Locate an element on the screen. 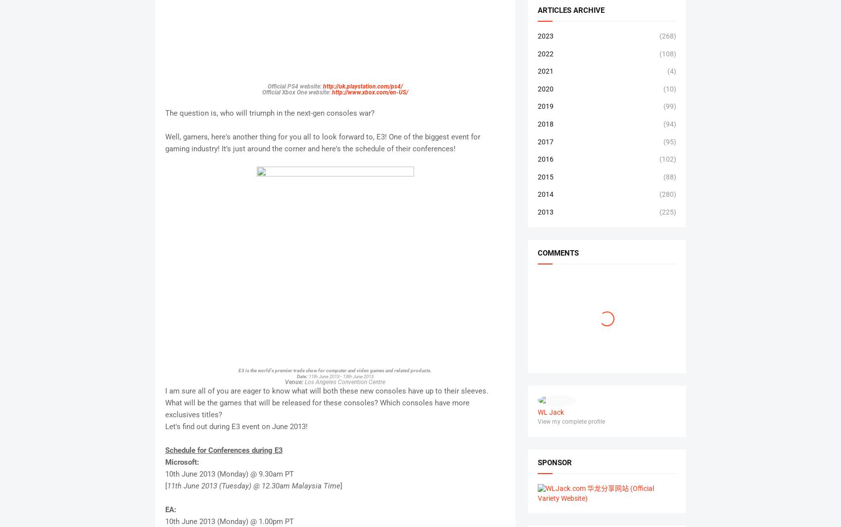  'sponsor' is located at coordinates (554, 470).